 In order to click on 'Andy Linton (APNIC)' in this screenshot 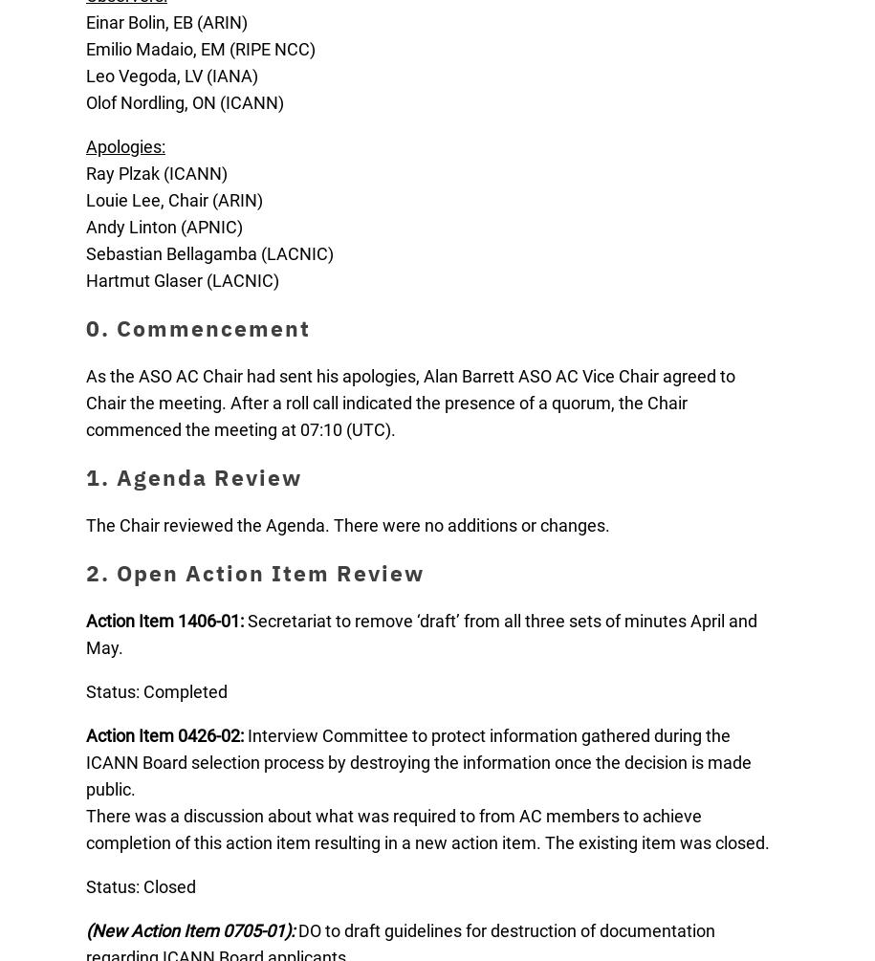, I will do `click(164, 226)`.